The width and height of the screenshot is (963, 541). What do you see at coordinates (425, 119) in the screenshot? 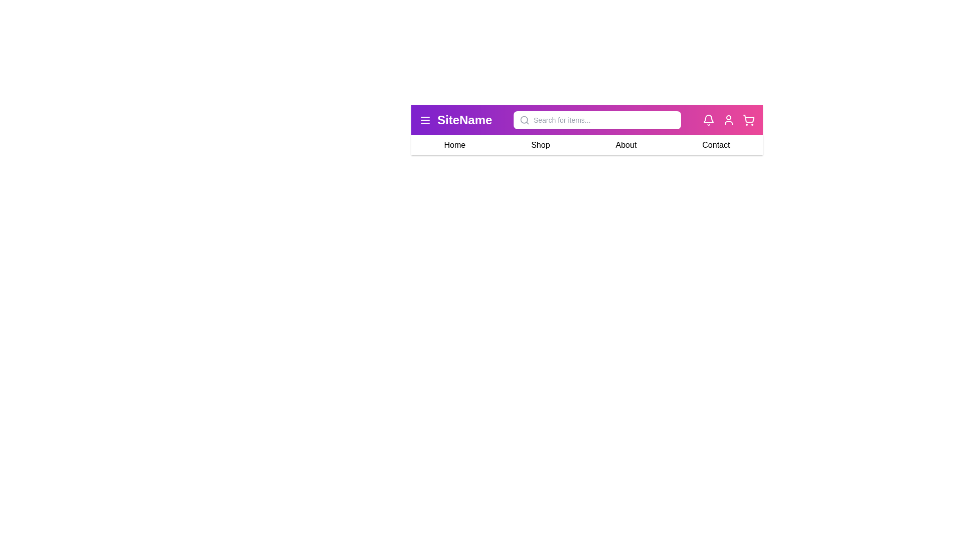
I see `menu button to toggle the navigation menu visibility` at bounding box center [425, 119].